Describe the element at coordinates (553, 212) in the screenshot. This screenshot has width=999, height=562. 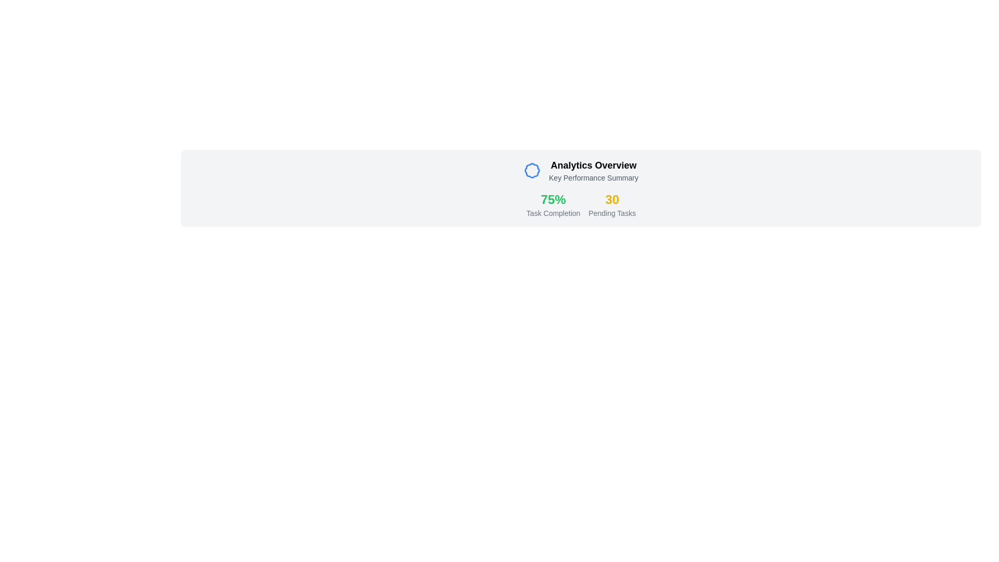
I see `the descriptive label that provides context for the '75%' value, located below the percentage display in the horizontal interface at the center of the page` at that location.